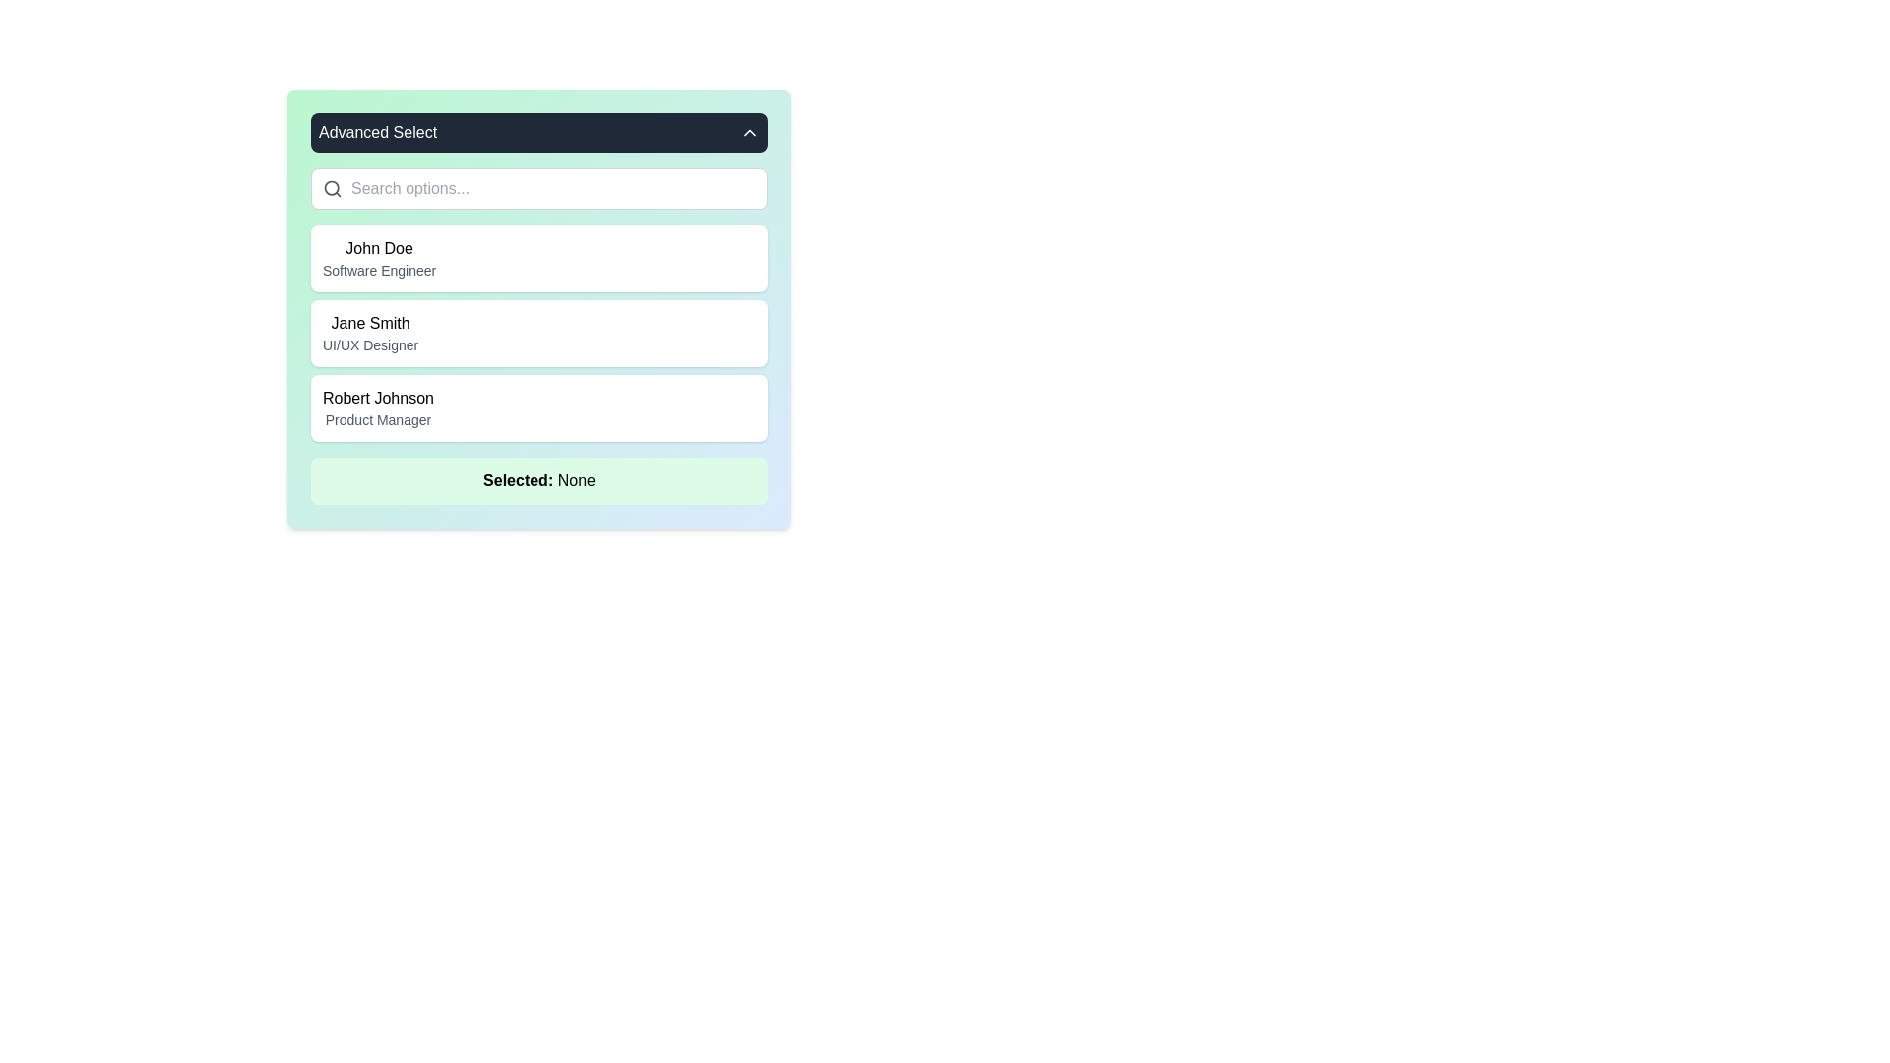  What do you see at coordinates (378, 399) in the screenshot?
I see `the text label displaying the name of the third entry in the dropdown list, which follows 'John Doe' and 'Jane Smith'` at bounding box center [378, 399].